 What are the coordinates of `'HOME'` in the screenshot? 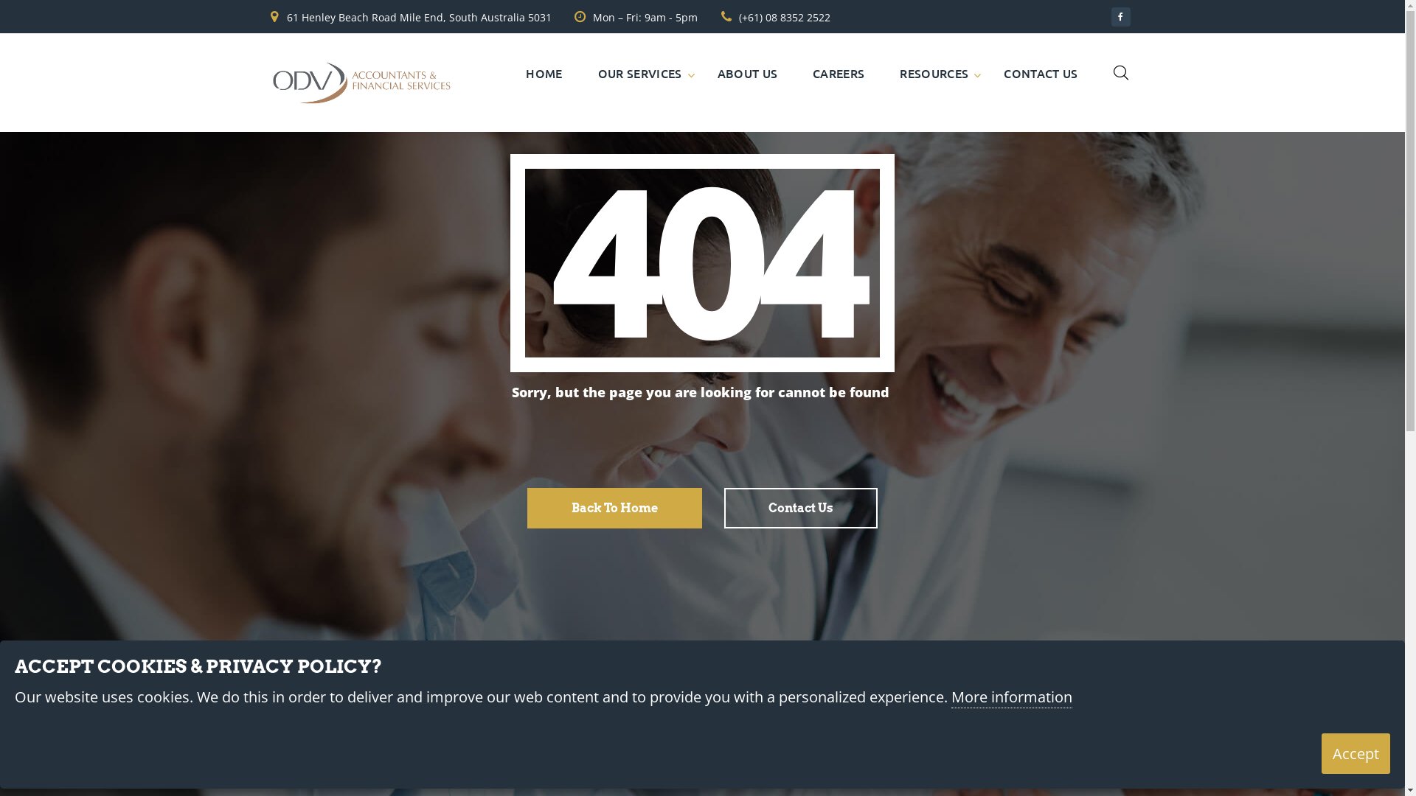 It's located at (526, 73).